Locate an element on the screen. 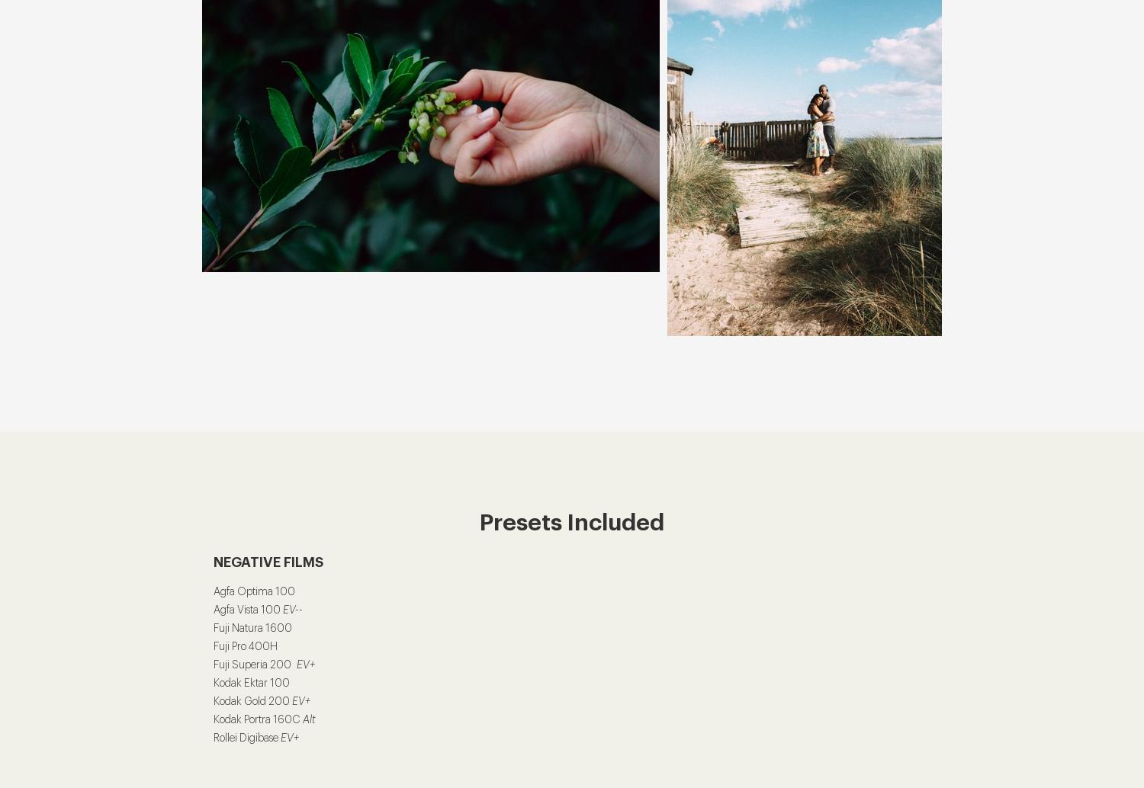 This screenshot has width=1144, height=788. 'Original photo by' is located at coordinates (804, 156).